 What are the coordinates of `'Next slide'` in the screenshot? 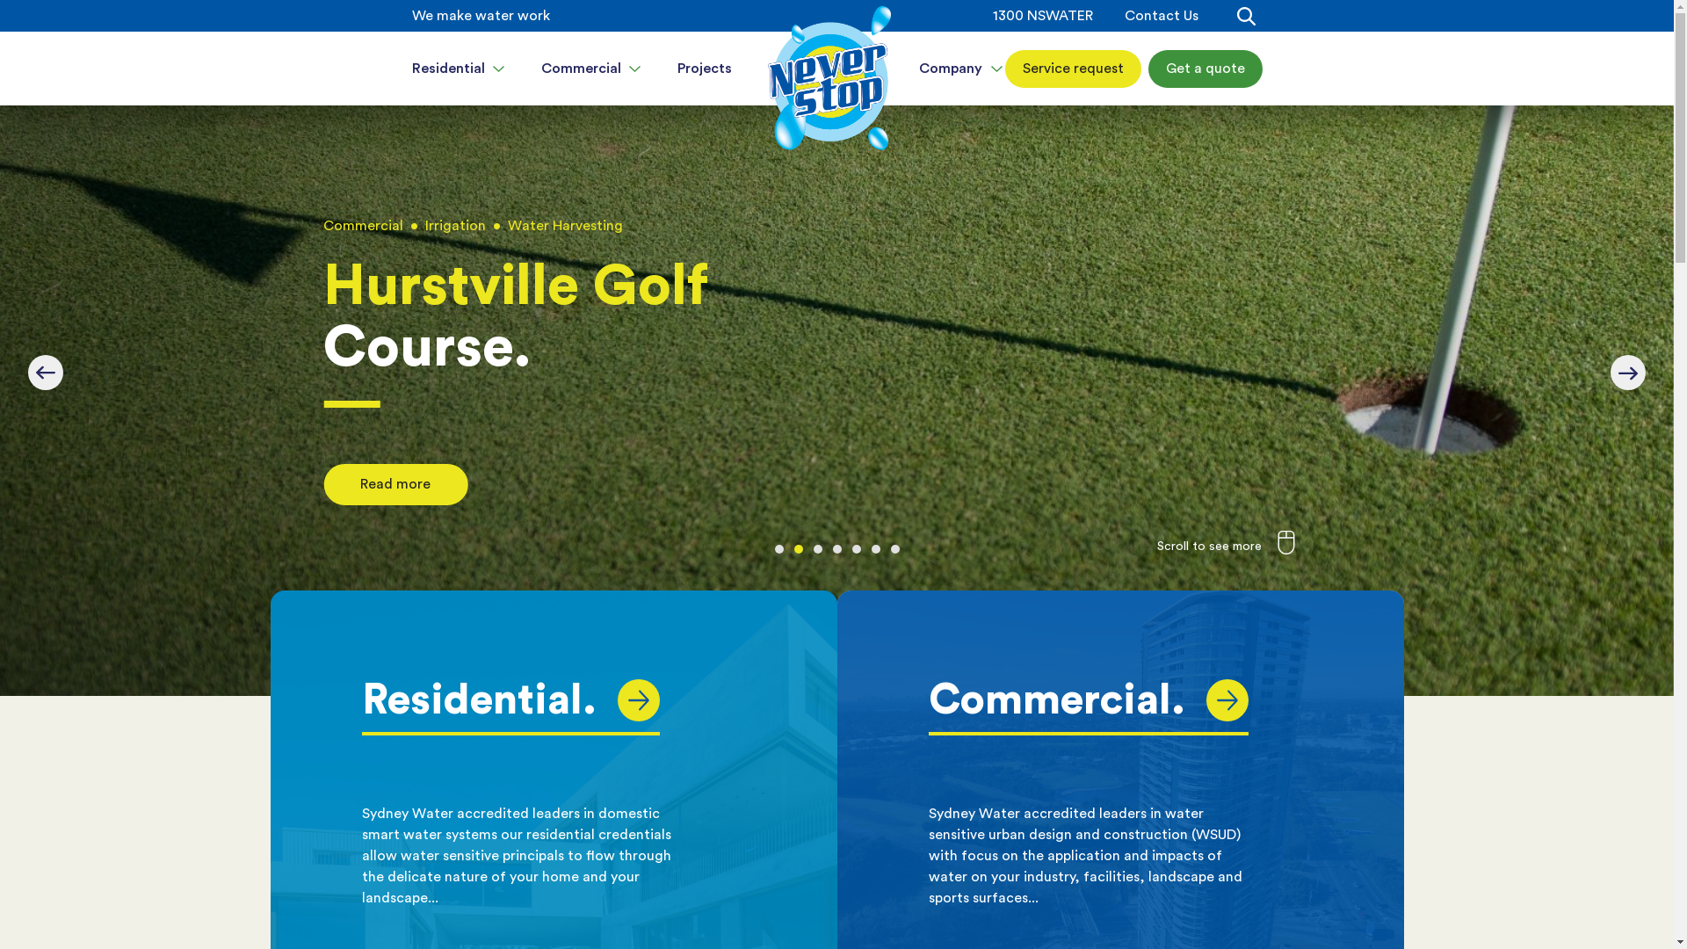 It's located at (1626, 372).